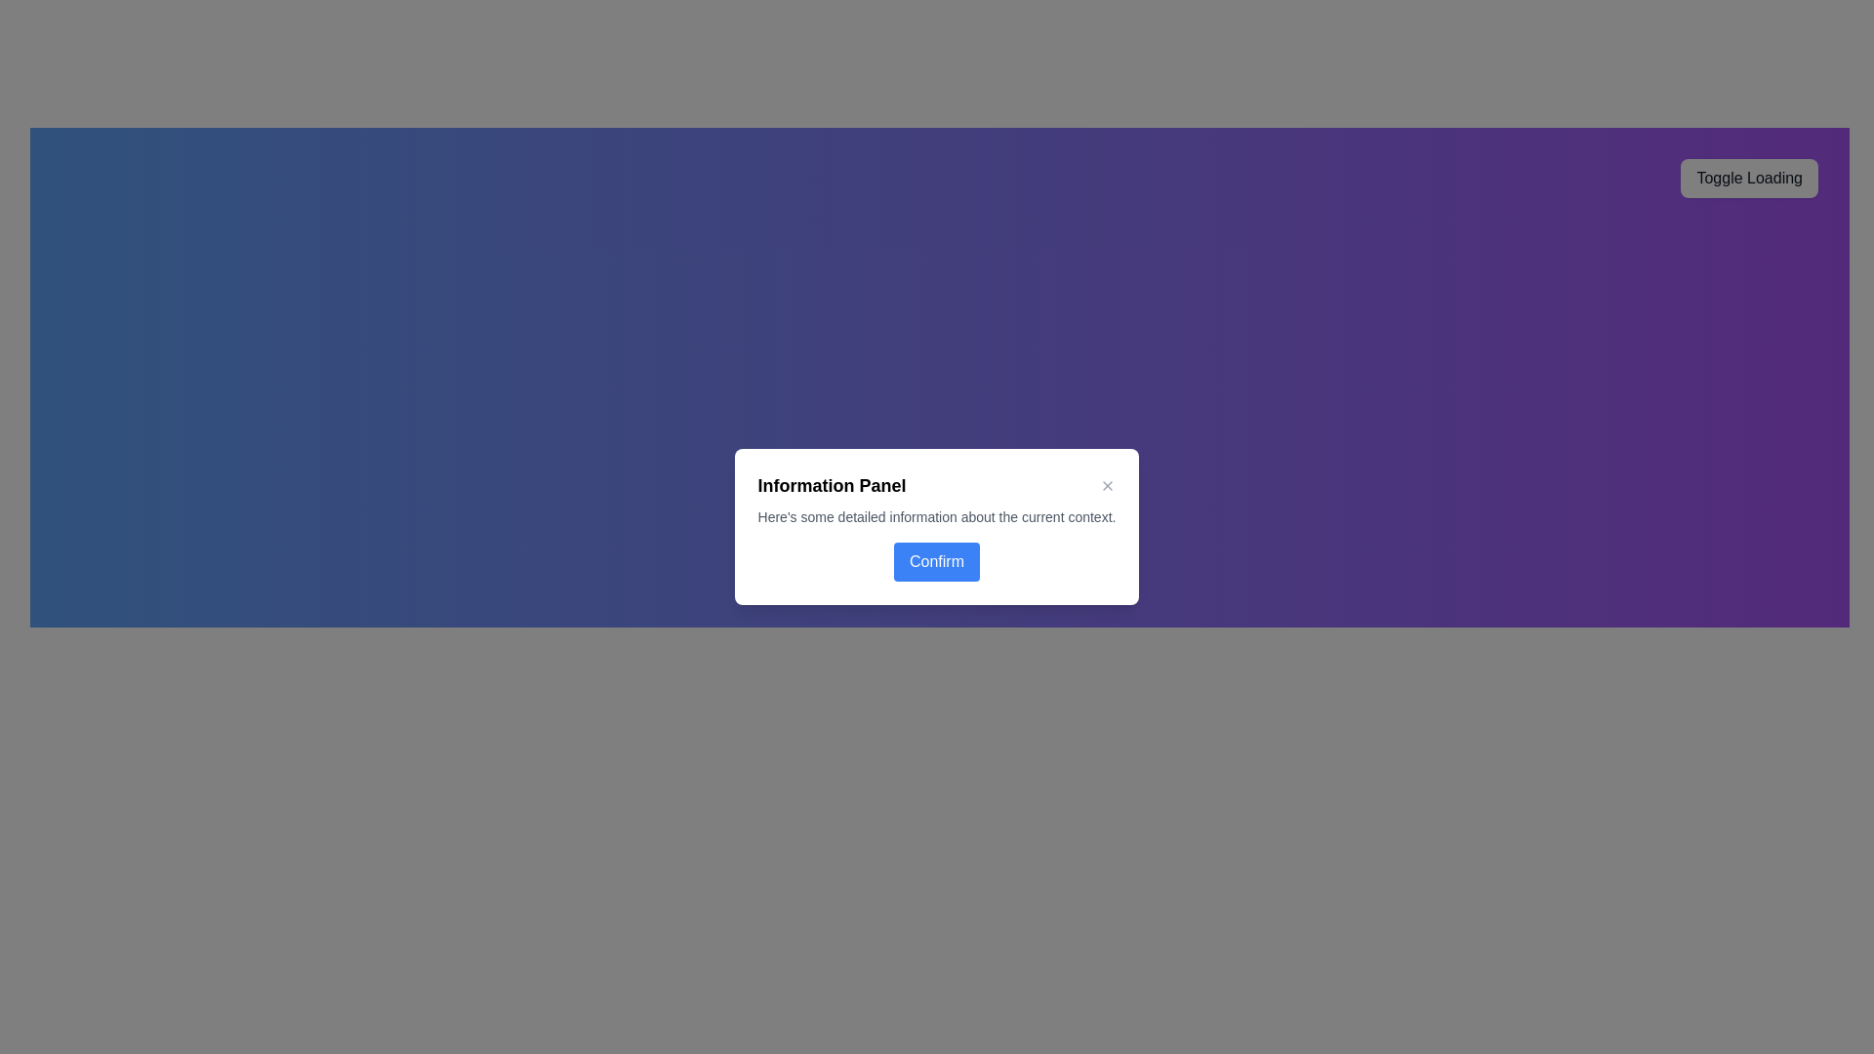  I want to click on the button located, so click(1107, 484).